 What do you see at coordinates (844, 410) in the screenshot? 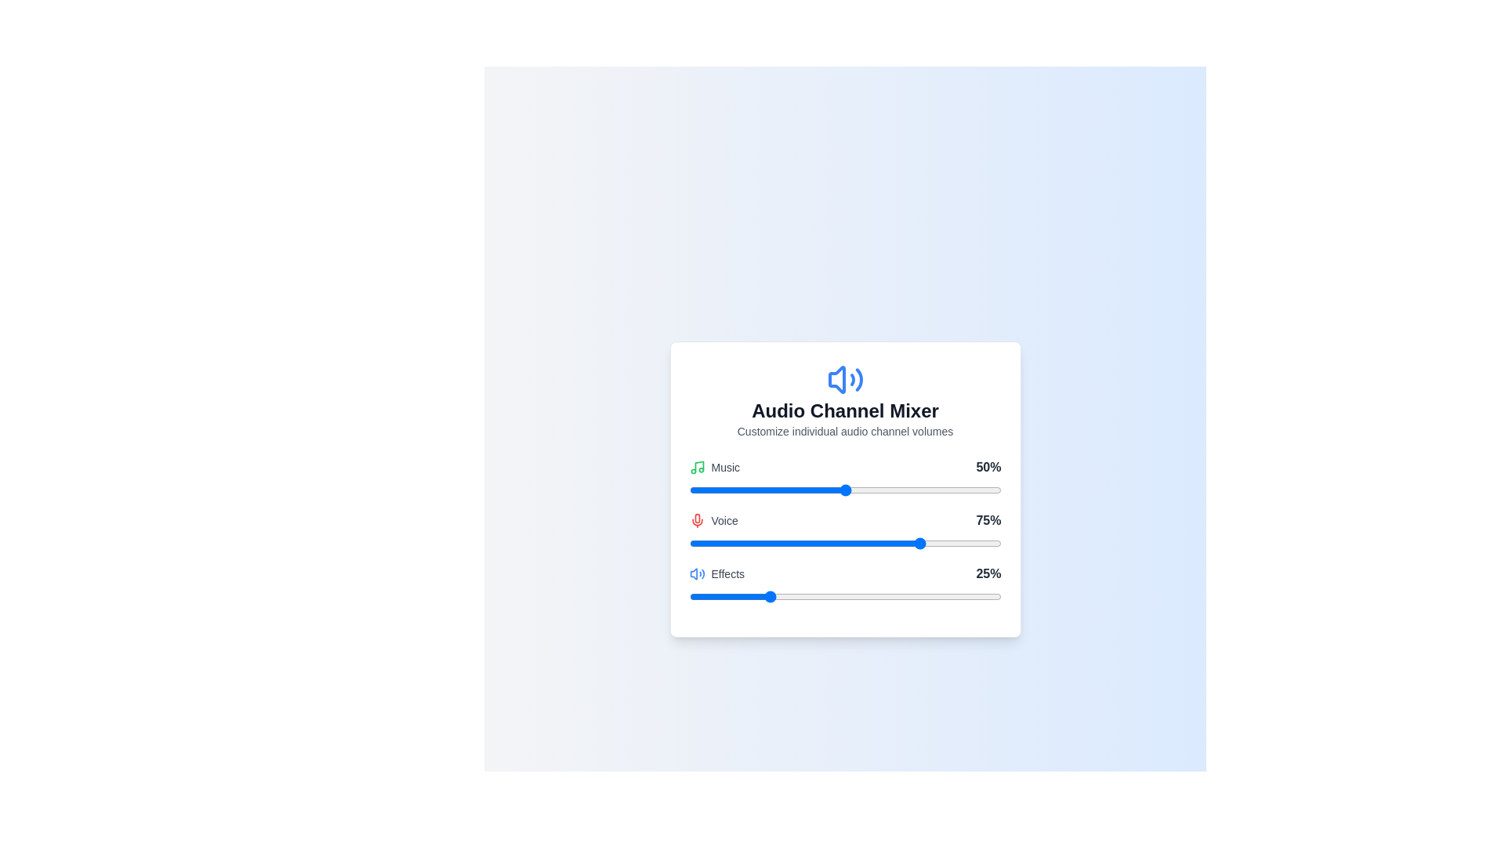
I see `the bold title text displaying 'Audio Channel Mixer' located in the top center of the card-like interface, which is positioned below the speaker icon and above the descriptive text` at bounding box center [844, 410].